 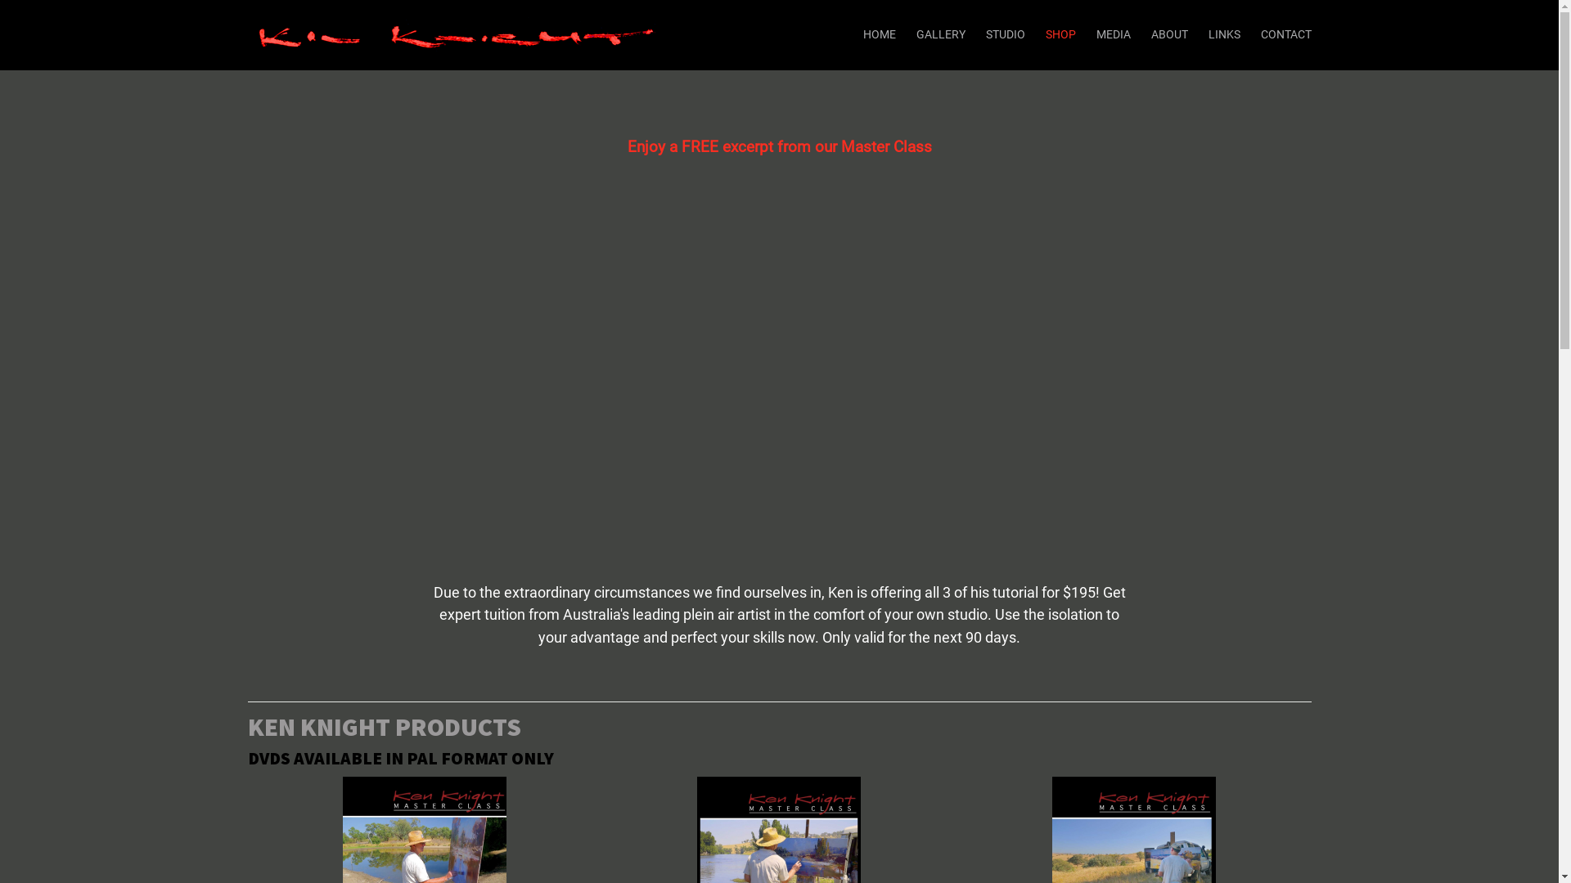 What do you see at coordinates (1004, 34) in the screenshot?
I see `'STUDIO'` at bounding box center [1004, 34].